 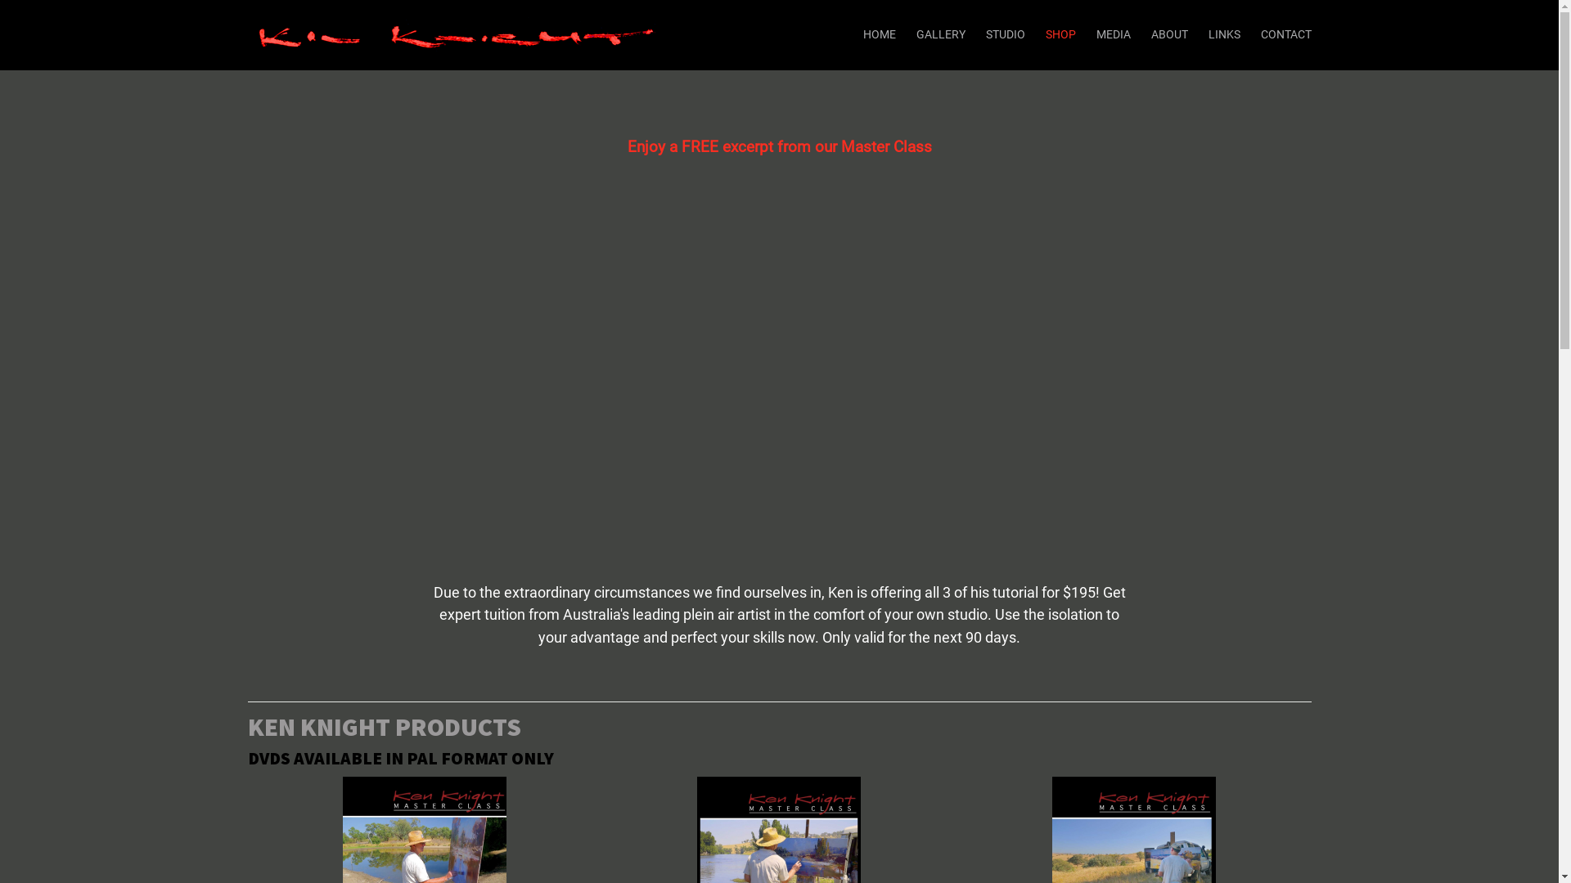 What do you see at coordinates (1004, 34) in the screenshot?
I see `'STUDIO'` at bounding box center [1004, 34].